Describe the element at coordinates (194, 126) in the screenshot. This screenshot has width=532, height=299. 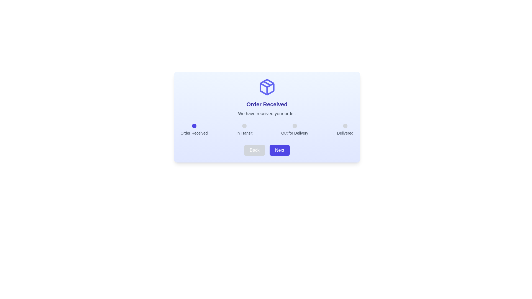
I see `the step indicator for Order Received to highlight it` at that location.